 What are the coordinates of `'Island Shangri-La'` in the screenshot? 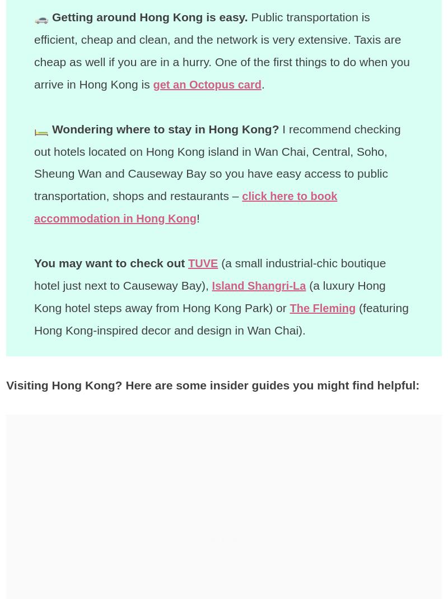 It's located at (260, 284).